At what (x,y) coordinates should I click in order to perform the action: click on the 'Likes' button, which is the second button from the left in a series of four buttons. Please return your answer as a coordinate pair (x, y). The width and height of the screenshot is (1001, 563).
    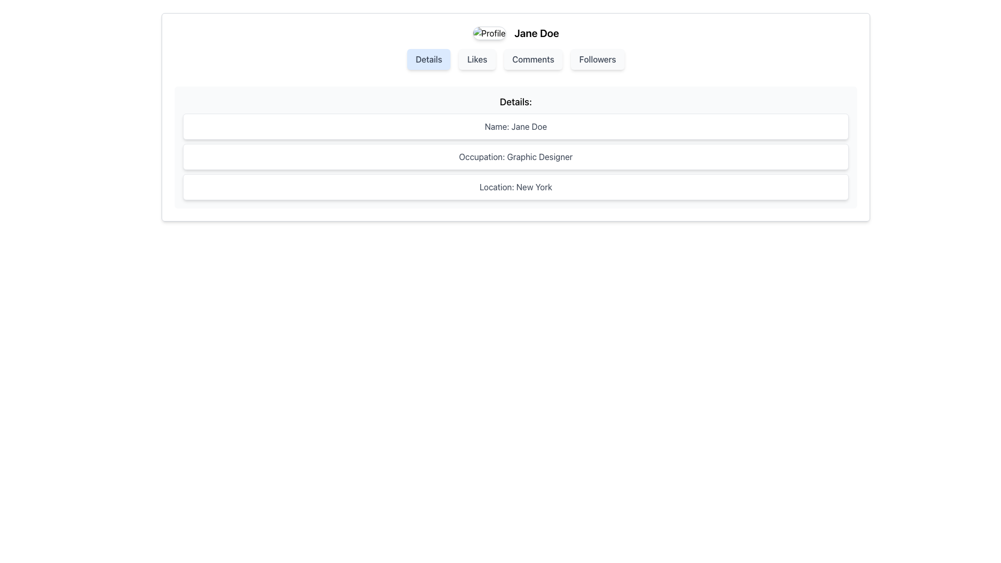
    Looking at the image, I should click on (477, 59).